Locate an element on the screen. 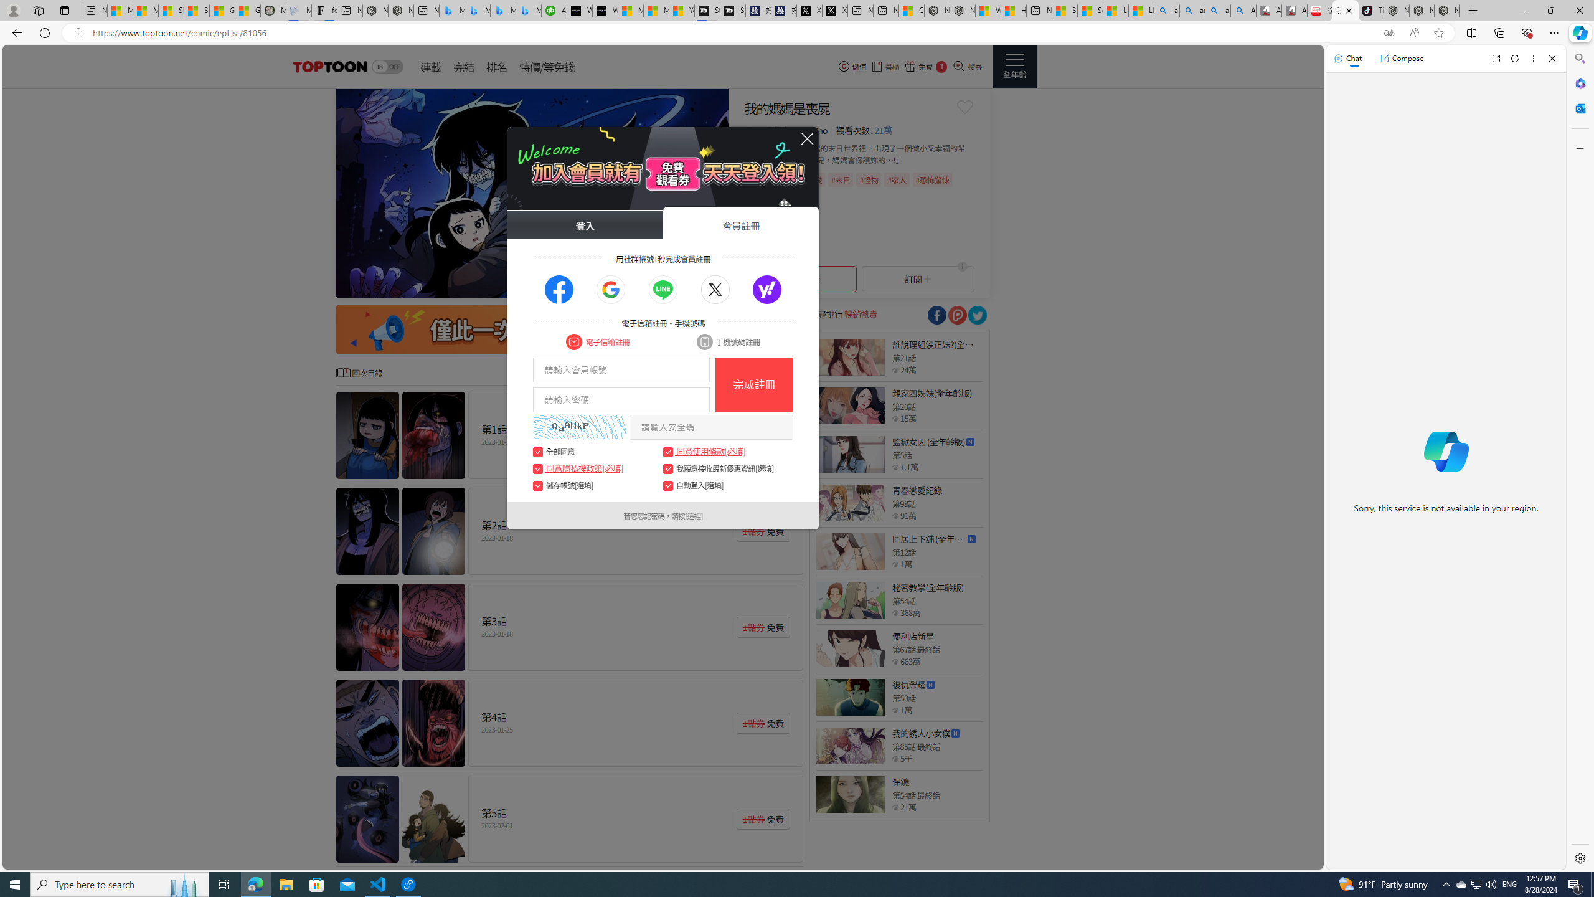  'Microsoft Bing Travel - Stays in Bangkok, Bangkok, Thailand' is located at coordinates (477, 10).